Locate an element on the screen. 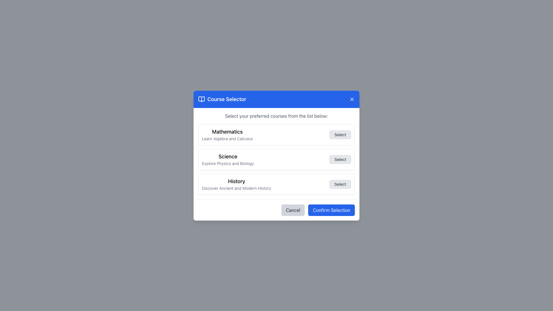 This screenshot has width=553, height=311. the informational Text label that describes the topics covered in the 'Mathematics' section, located directly below the main header 'Mathematics' is located at coordinates (227, 139).